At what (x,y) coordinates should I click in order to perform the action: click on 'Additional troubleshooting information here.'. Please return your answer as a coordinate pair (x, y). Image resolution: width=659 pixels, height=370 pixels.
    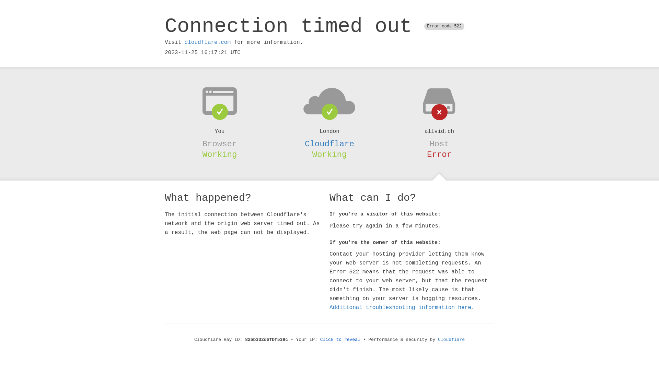
    Looking at the image, I should click on (402, 307).